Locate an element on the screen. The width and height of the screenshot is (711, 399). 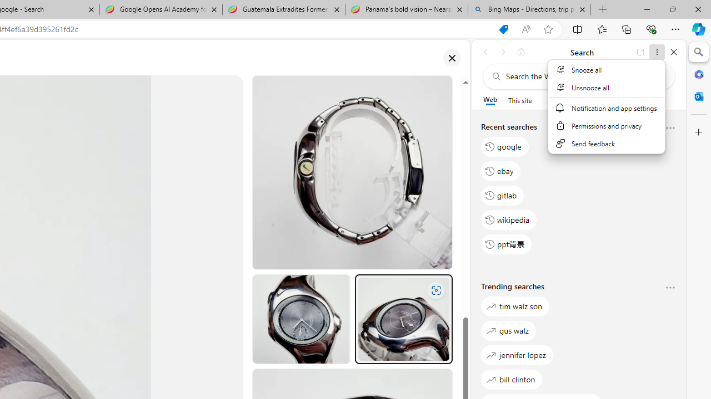
'Forward' is located at coordinates (503, 52).